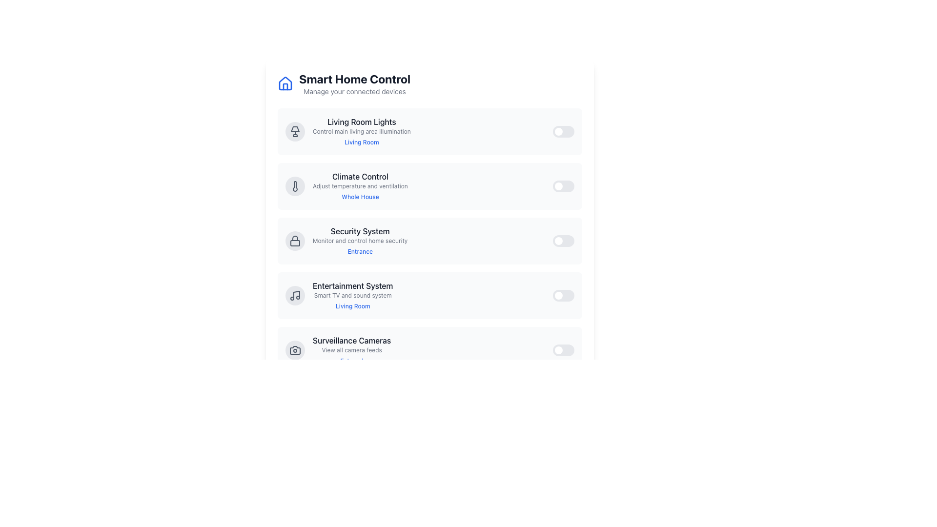  Describe the element at coordinates (294, 242) in the screenshot. I see `the lower rectangular component of the SVG lock icon, which is styled with a subtle gray tone and is located to the left of the 'Security System' option in the third row` at that location.